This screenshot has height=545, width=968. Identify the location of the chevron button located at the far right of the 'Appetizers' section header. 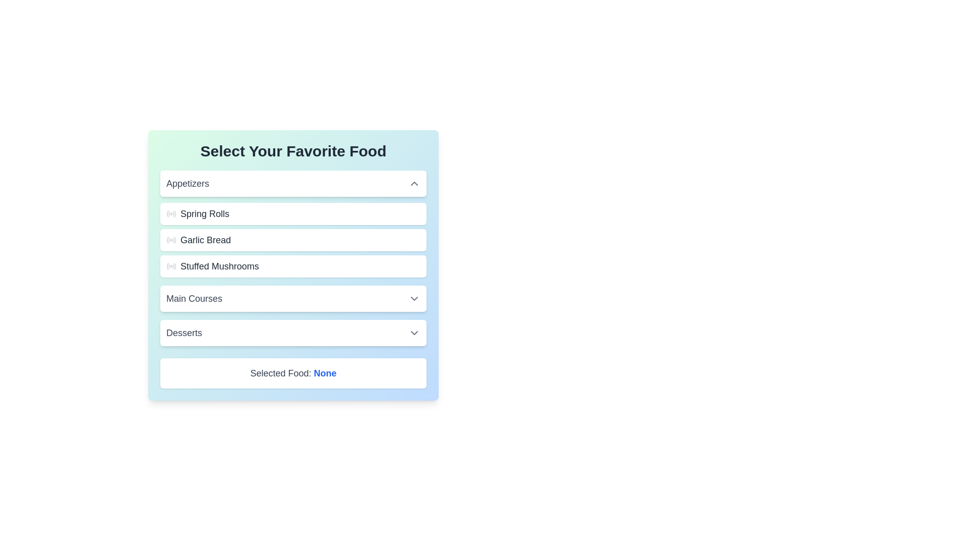
(414, 183).